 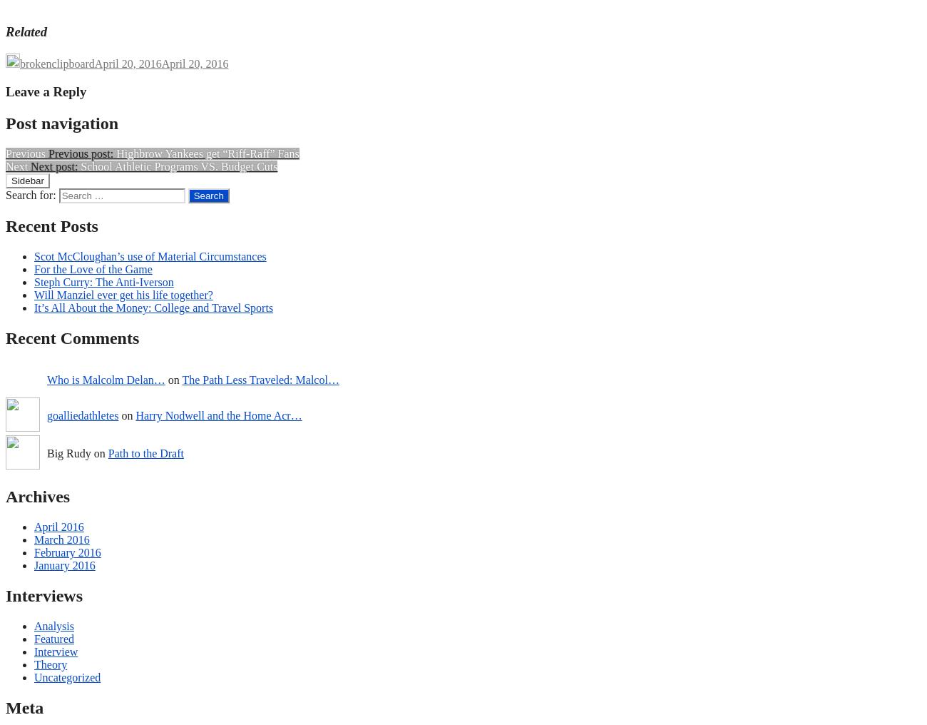 I want to click on 'March 2016', so click(x=61, y=539).